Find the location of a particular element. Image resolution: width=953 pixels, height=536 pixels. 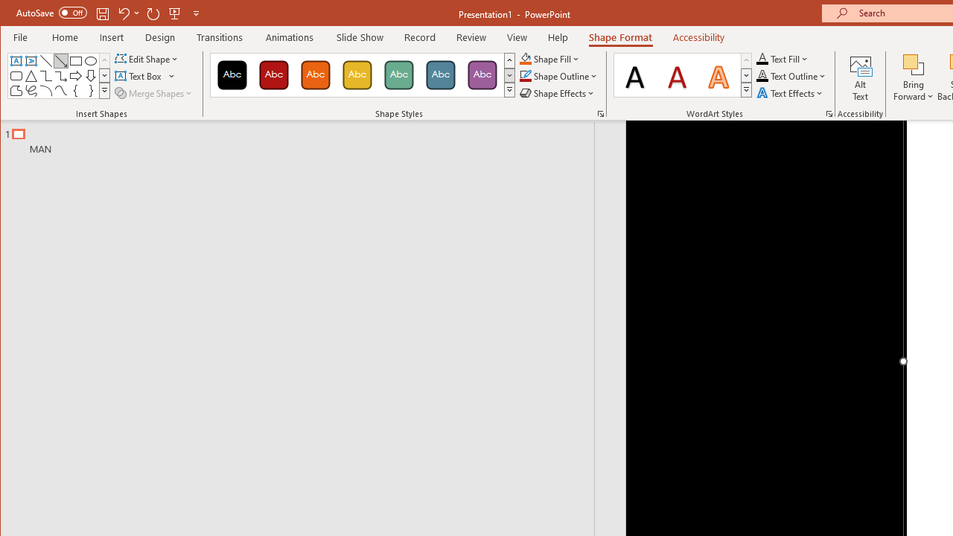

'Arrow: Right' is located at coordinates (75, 76).